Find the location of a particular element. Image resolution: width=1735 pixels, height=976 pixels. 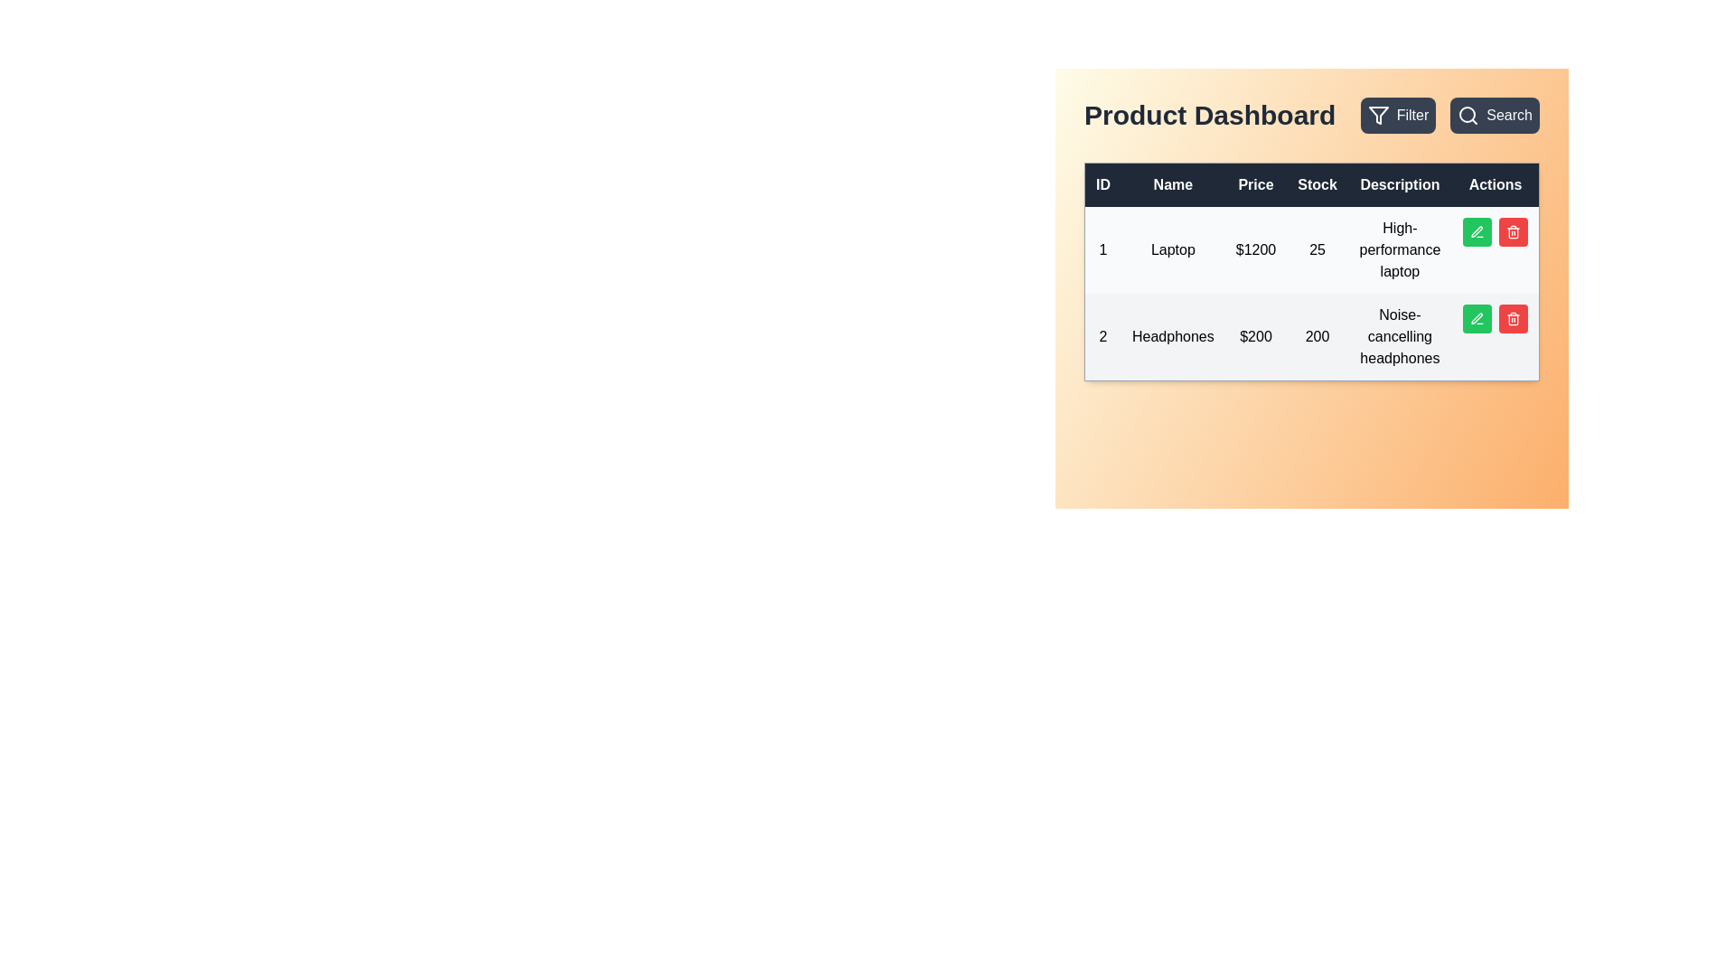

the red button with a white trash bin icon located on the rightmost side of the action buttons row for the second item in the data table is located at coordinates (1514, 318).